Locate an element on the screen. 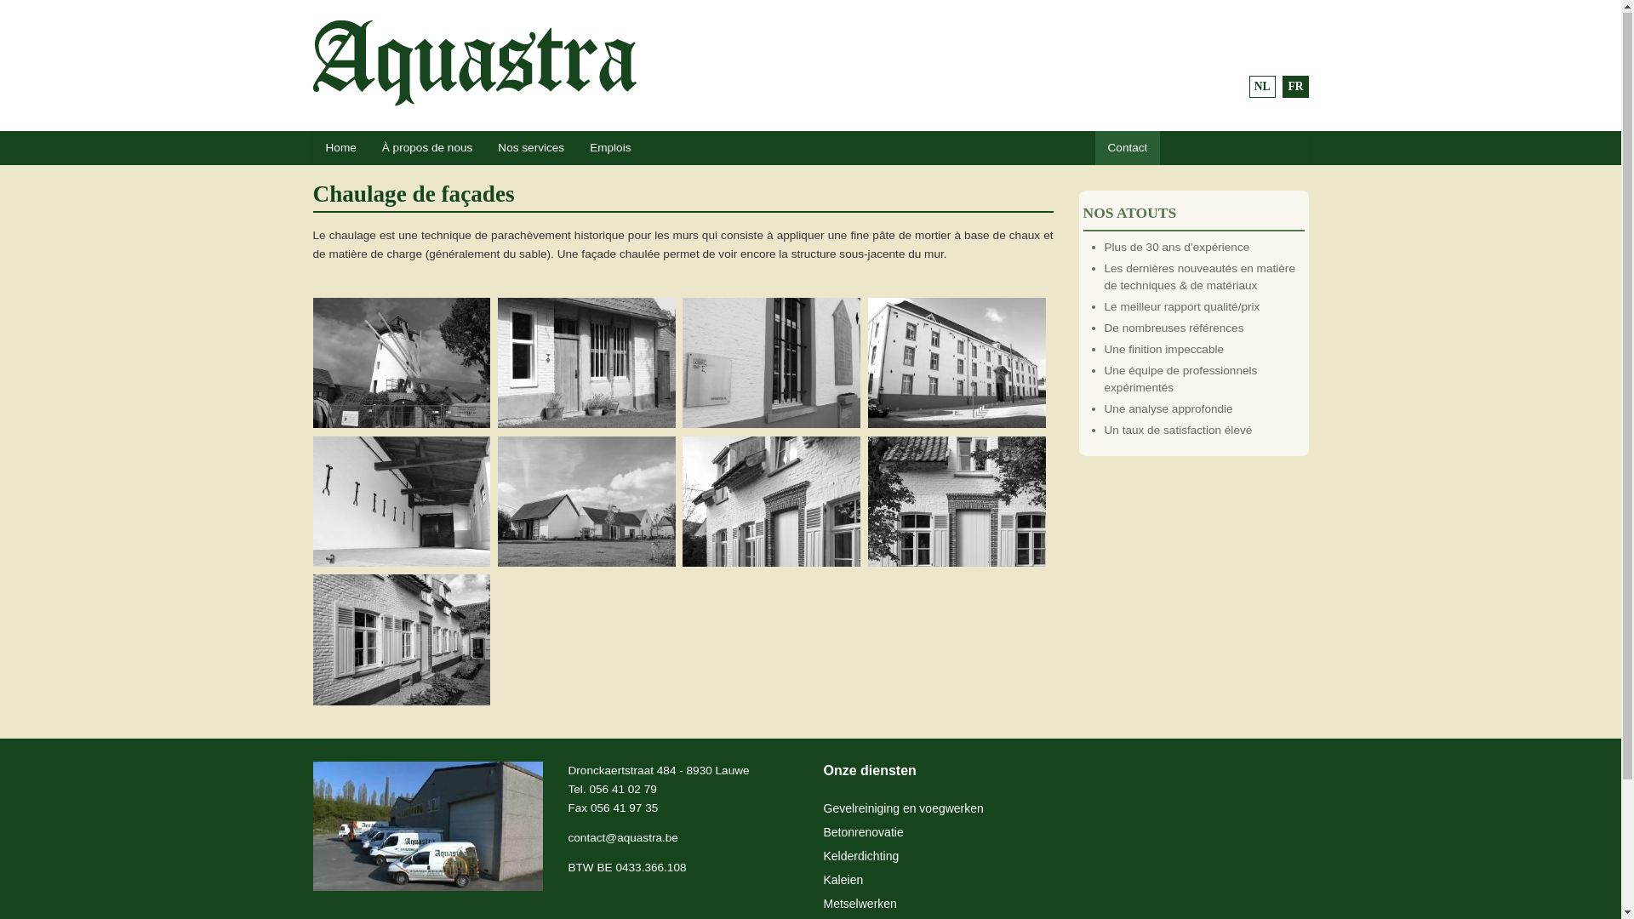 Image resolution: width=1634 pixels, height=919 pixels. 'Betonrenovatie' is located at coordinates (863, 832).